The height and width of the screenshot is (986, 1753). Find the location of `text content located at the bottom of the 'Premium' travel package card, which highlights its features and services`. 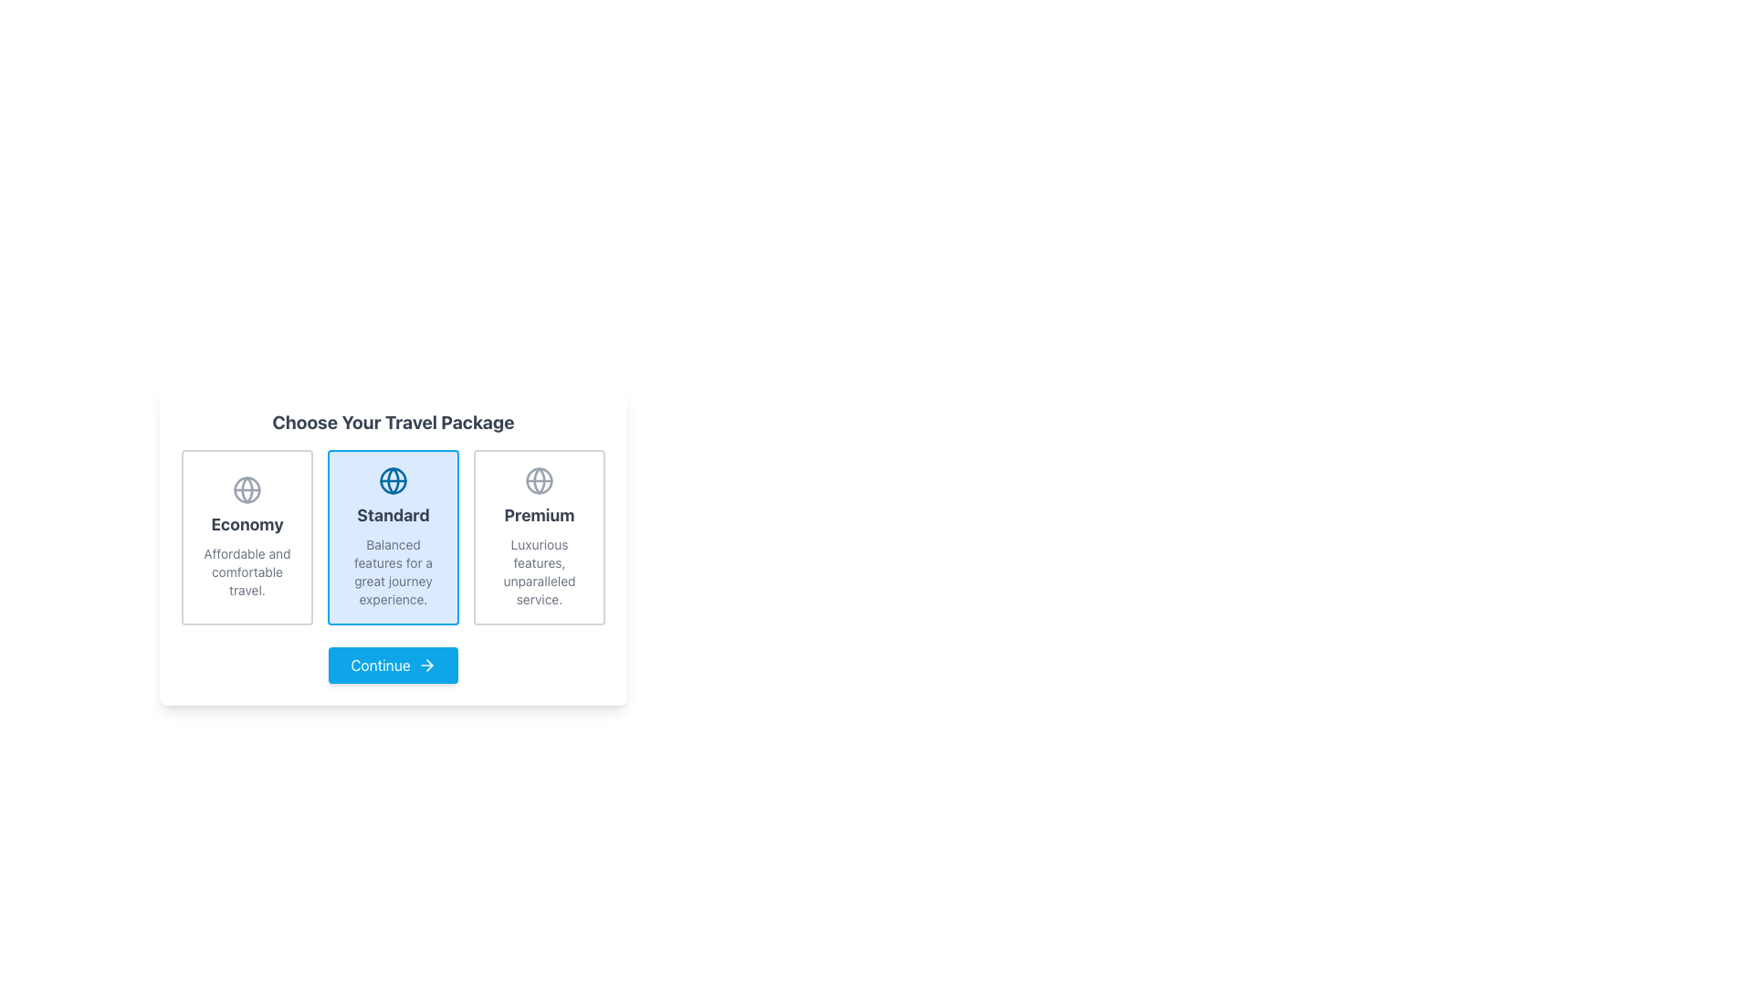

text content located at the bottom of the 'Premium' travel package card, which highlights its features and services is located at coordinates (538, 572).